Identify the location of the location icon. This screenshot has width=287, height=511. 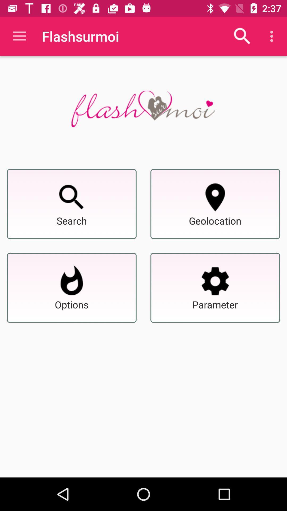
(215, 197).